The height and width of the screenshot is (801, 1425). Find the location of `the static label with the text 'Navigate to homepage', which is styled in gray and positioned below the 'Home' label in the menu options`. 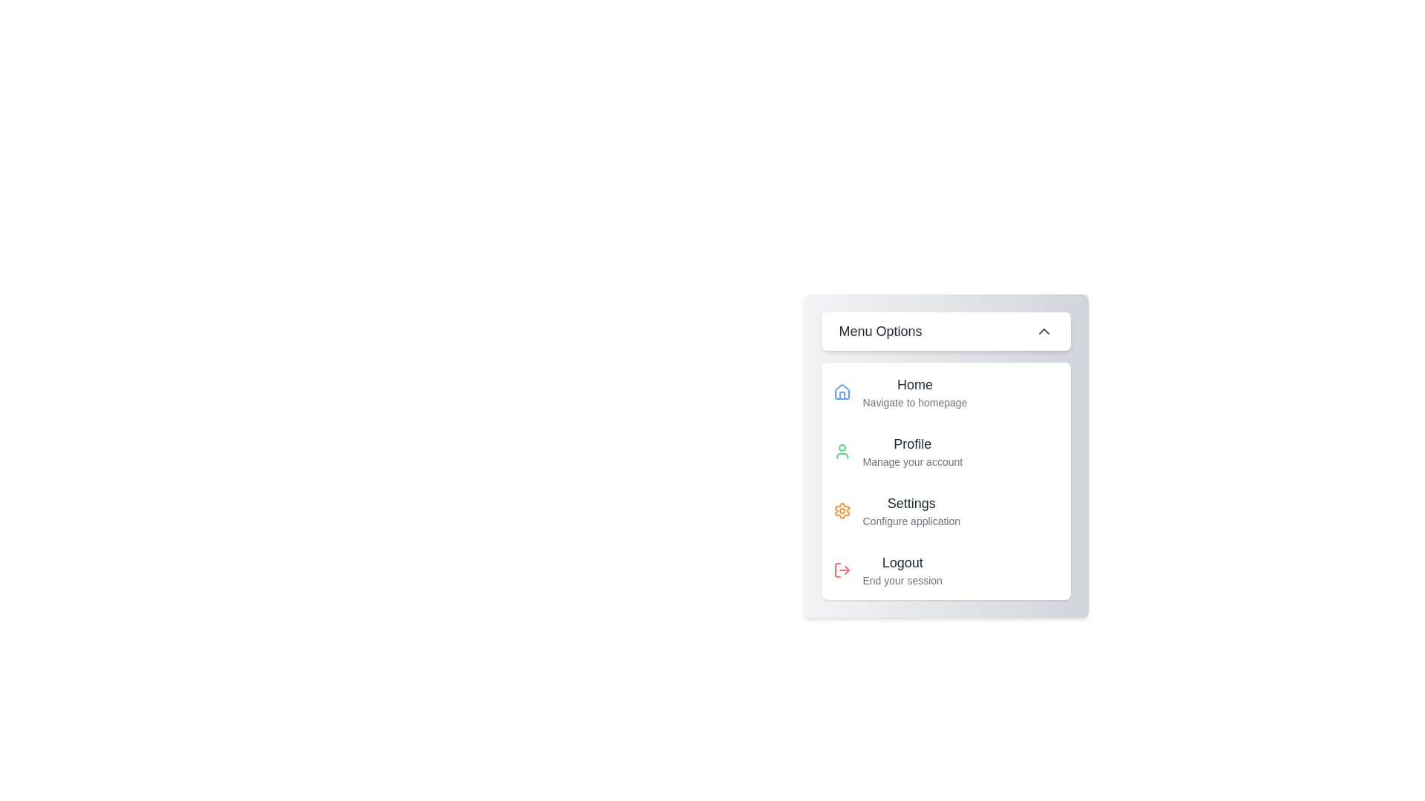

the static label with the text 'Navigate to homepage', which is styled in gray and positioned below the 'Home' label in the menu options is located at coordinates (914, 403).